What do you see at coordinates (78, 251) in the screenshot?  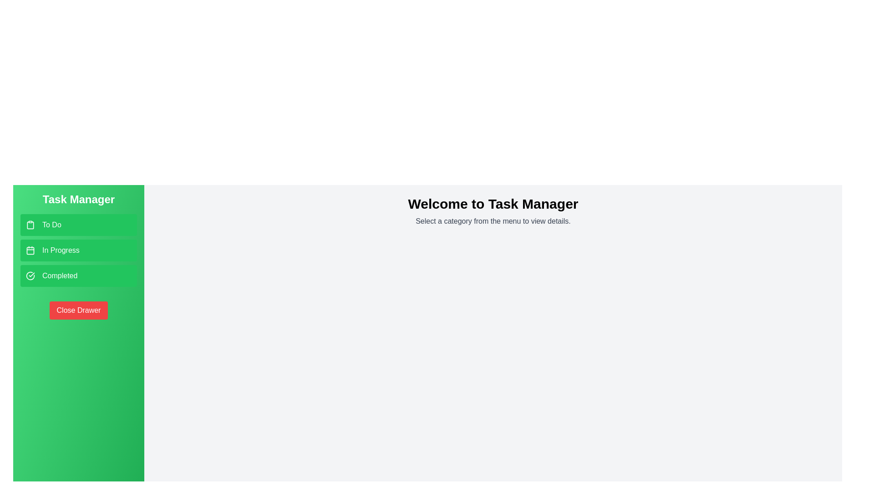 I see `the 'In Progress' category to view tasks currently in progress` at bounding box center [78, 251].